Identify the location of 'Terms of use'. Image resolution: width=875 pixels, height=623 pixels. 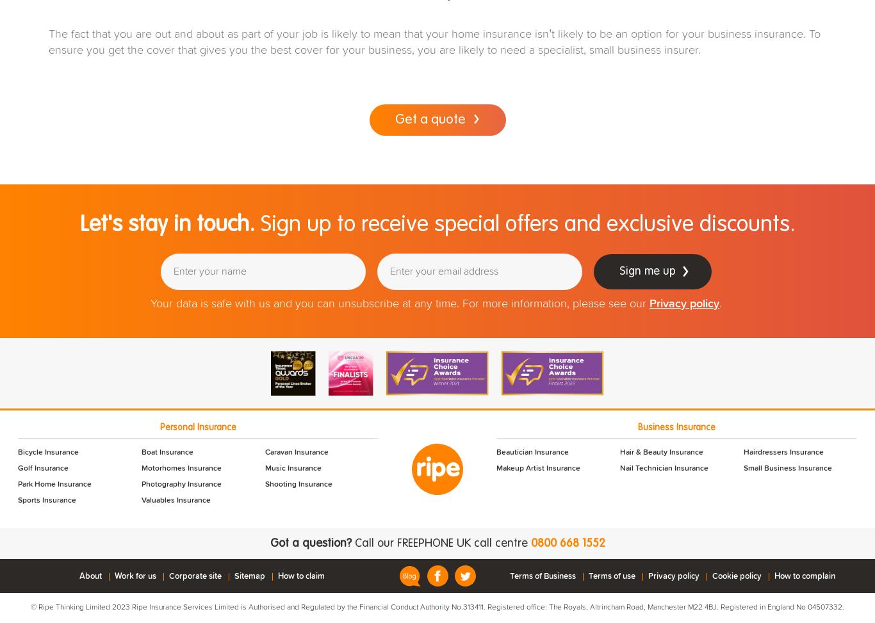
(612, 576).